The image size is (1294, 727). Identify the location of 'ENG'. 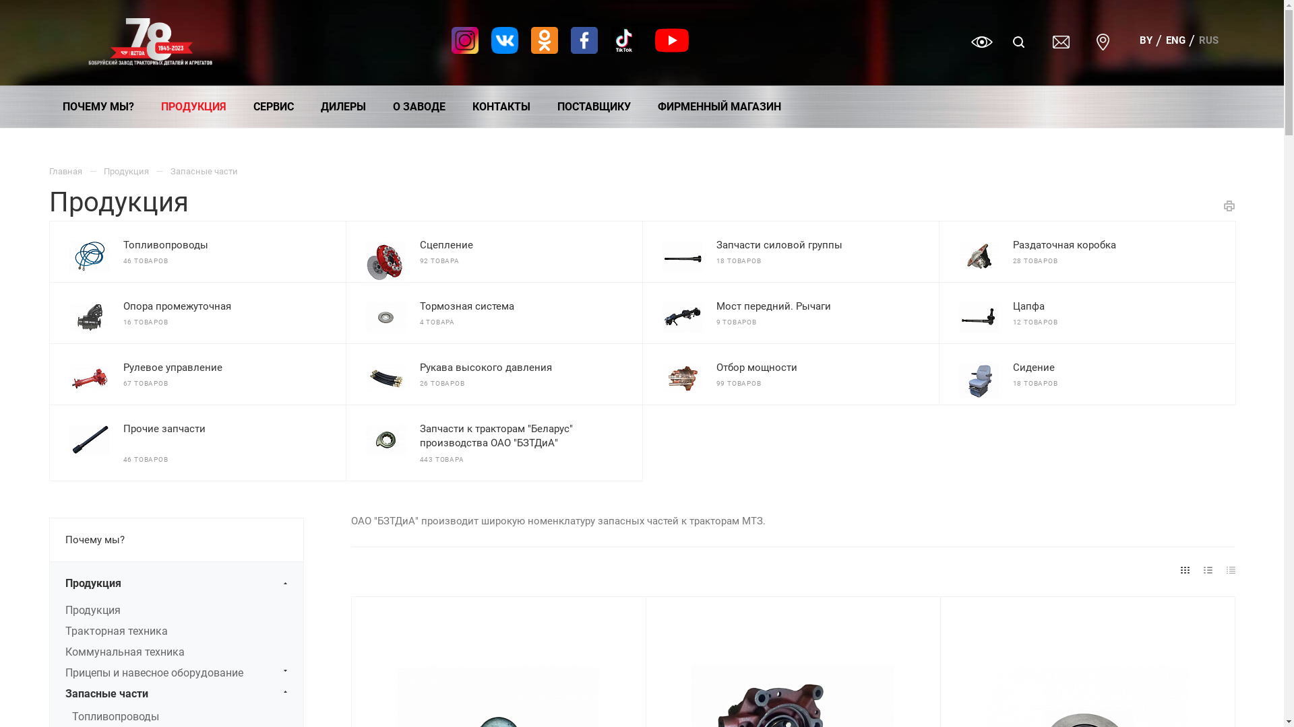
(1161, 40).